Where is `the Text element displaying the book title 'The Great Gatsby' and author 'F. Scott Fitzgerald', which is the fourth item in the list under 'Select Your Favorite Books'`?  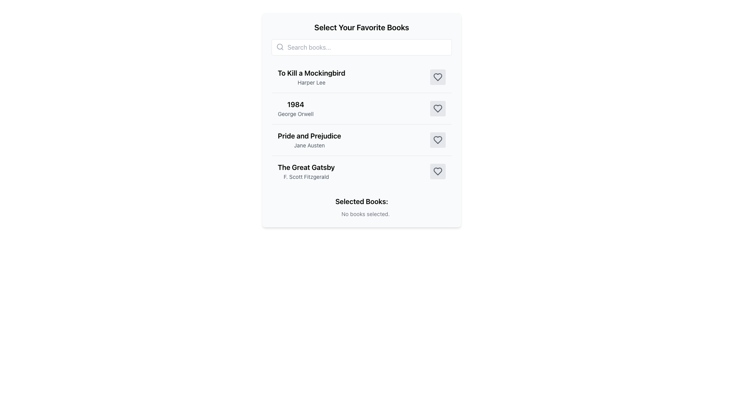 the Text element displaying the book title 'The Great Gatsby' and author 'F. Scott Fitzgerald', which is the fourth item in the list under 'Select Your Favorite Books' is located at coordinates (306, 171).